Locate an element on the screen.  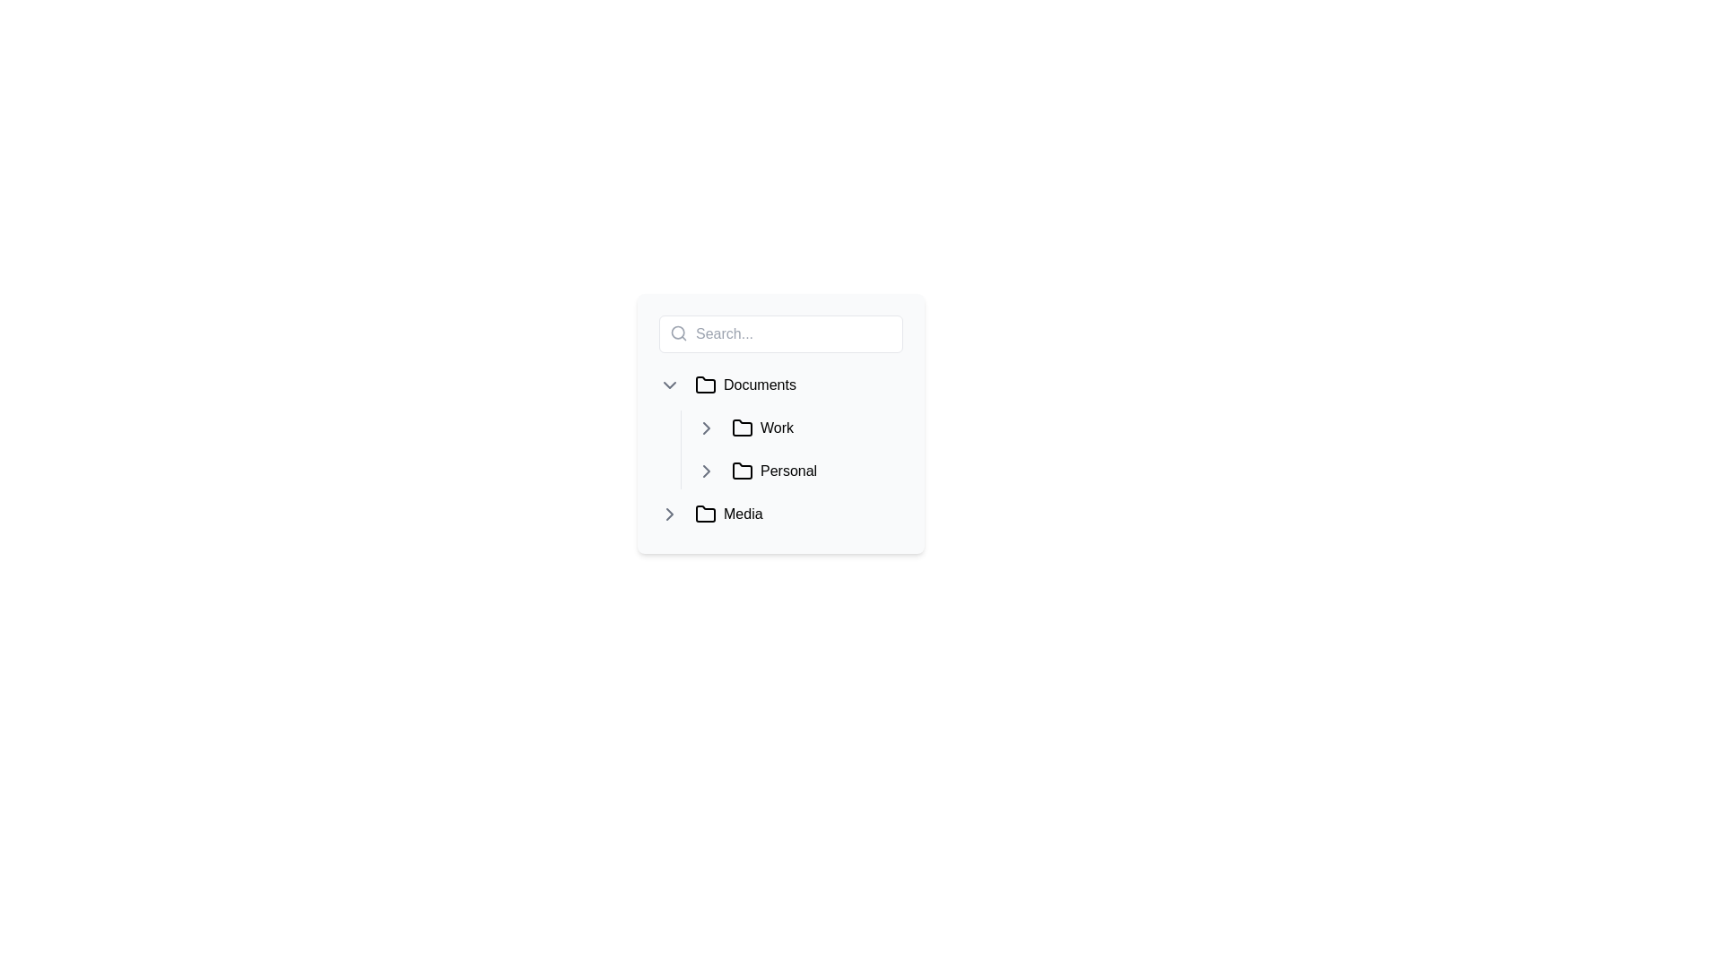
the folder icon element that is styled in a minimalist manner and is located next to the 'Personal' label is located at coordinates (743, 470).